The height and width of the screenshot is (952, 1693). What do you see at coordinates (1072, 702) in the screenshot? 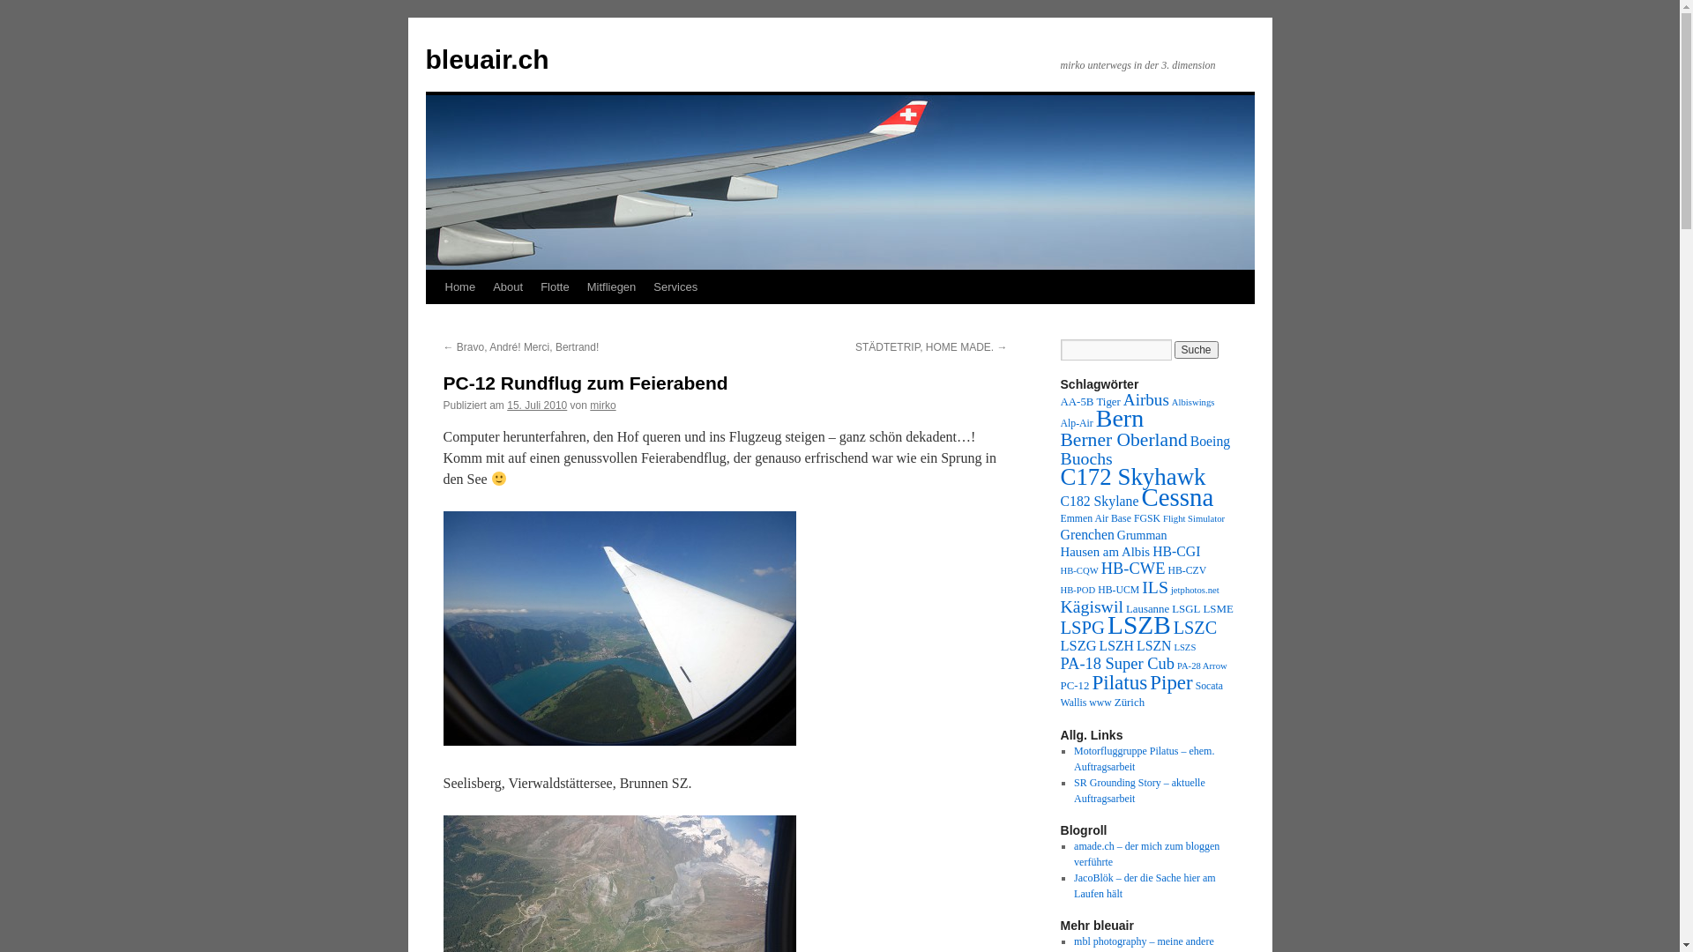
I see `'Wallis'` at bounding box center [1072, 702].